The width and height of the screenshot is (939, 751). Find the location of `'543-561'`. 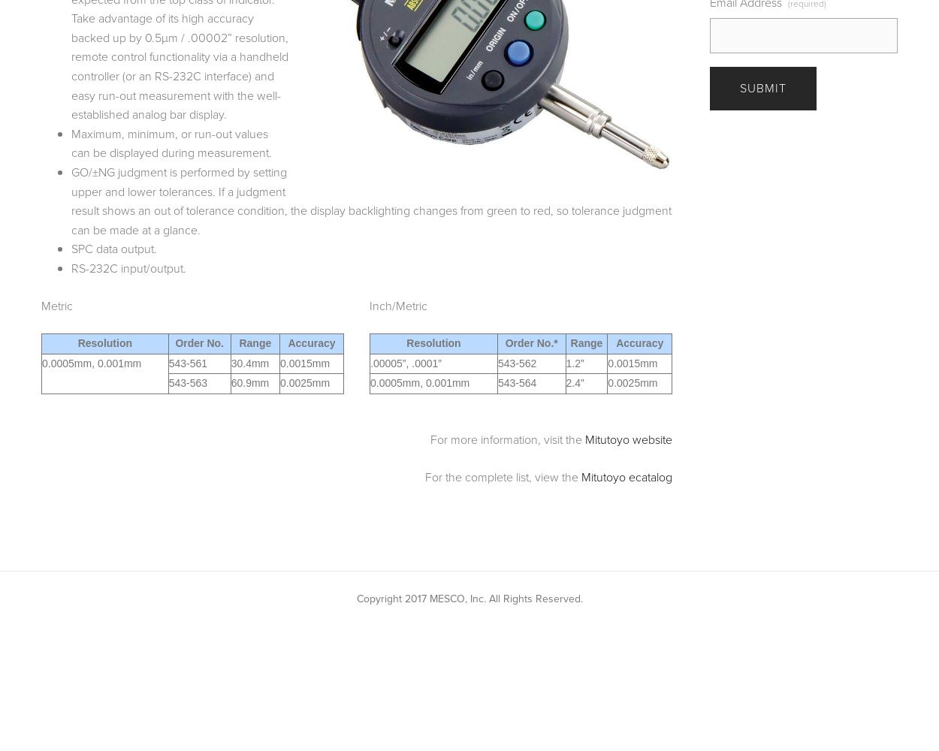

'543-561' is located at coordinates (188, 362).